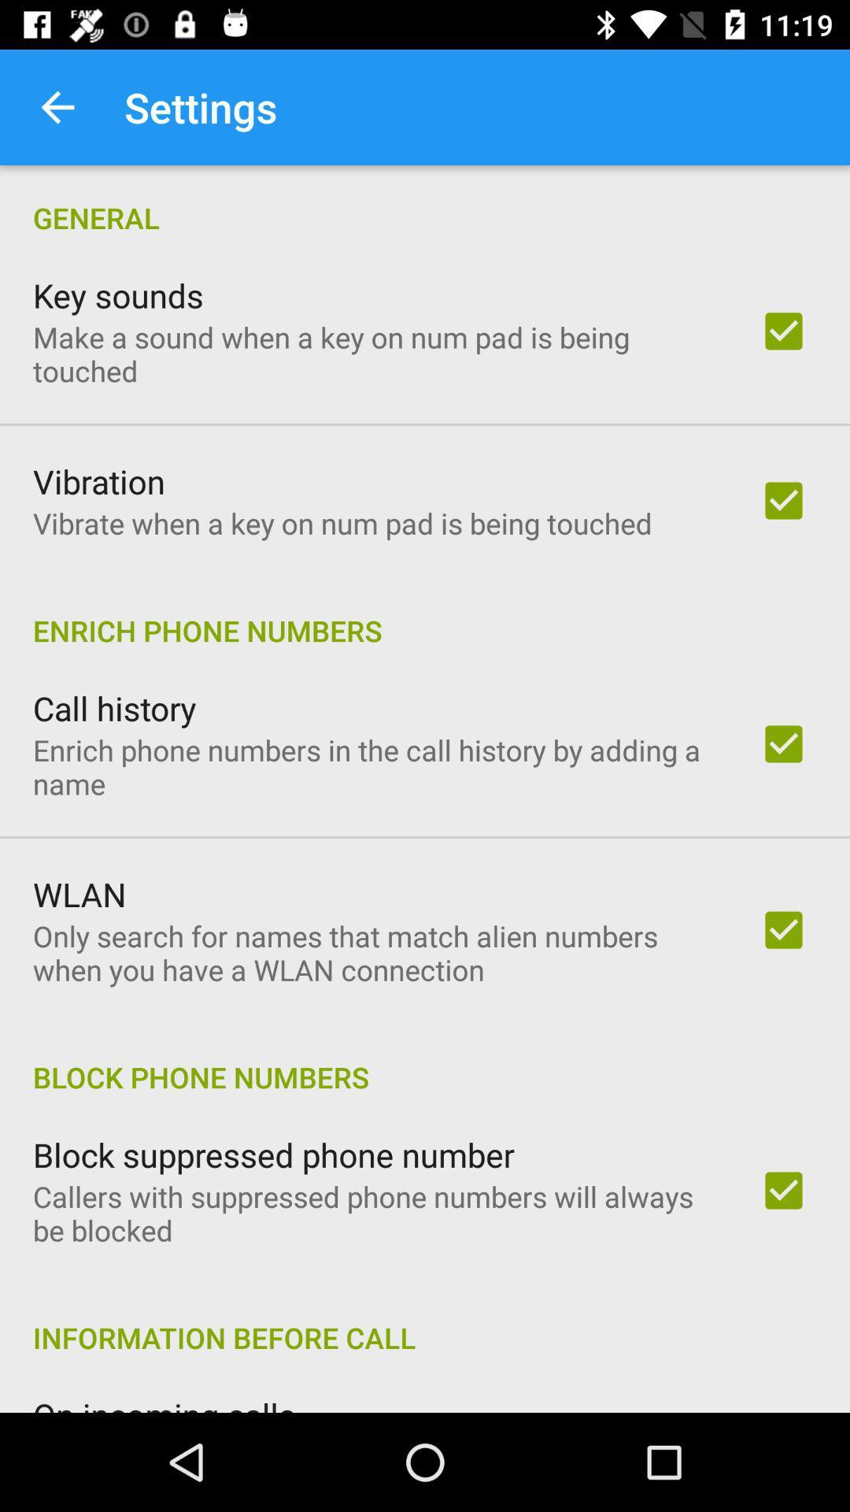  I want to click on the on incoming calls, so click(164, 1403).